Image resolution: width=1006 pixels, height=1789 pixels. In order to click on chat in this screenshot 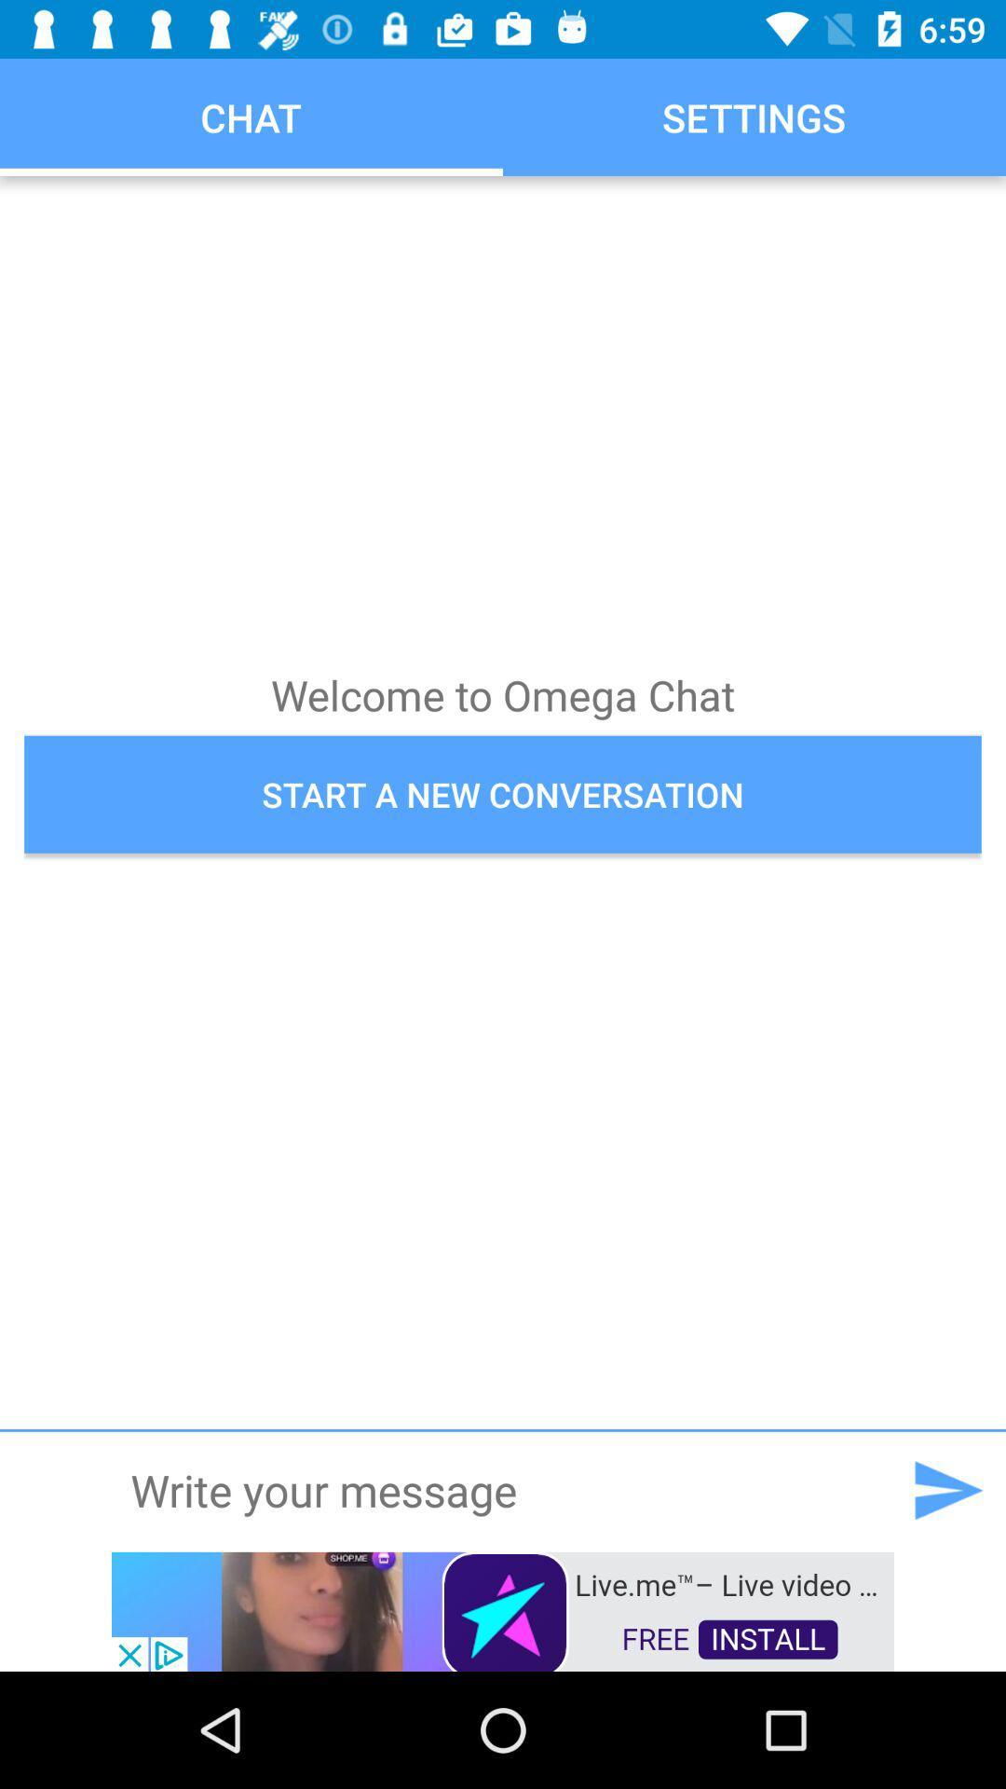, I will do `click(501, 1489)`.